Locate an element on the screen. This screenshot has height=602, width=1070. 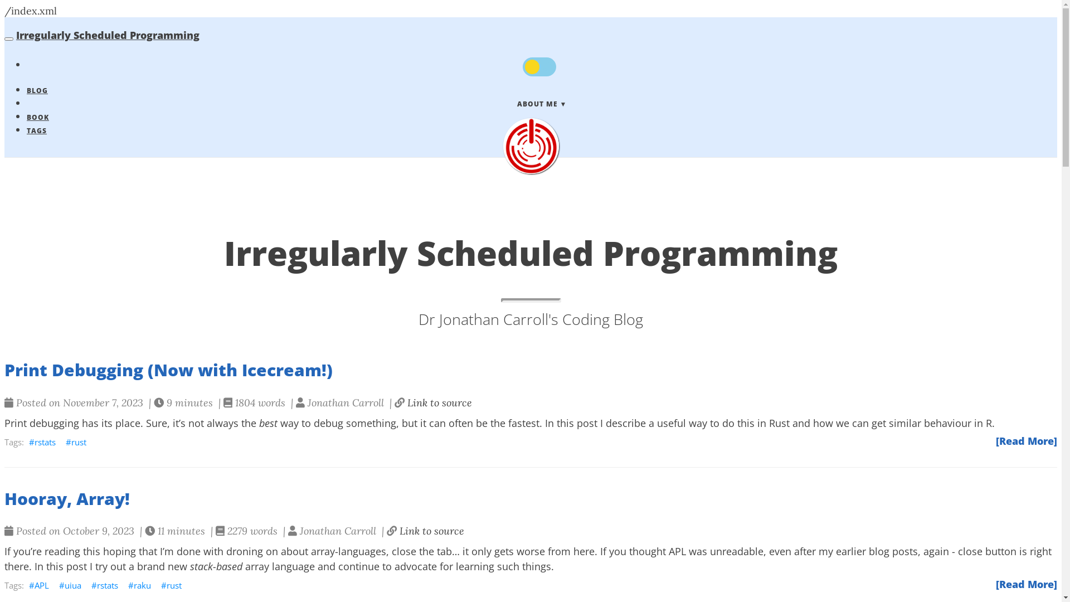
'rstats' is located at coordinates (42, 441).